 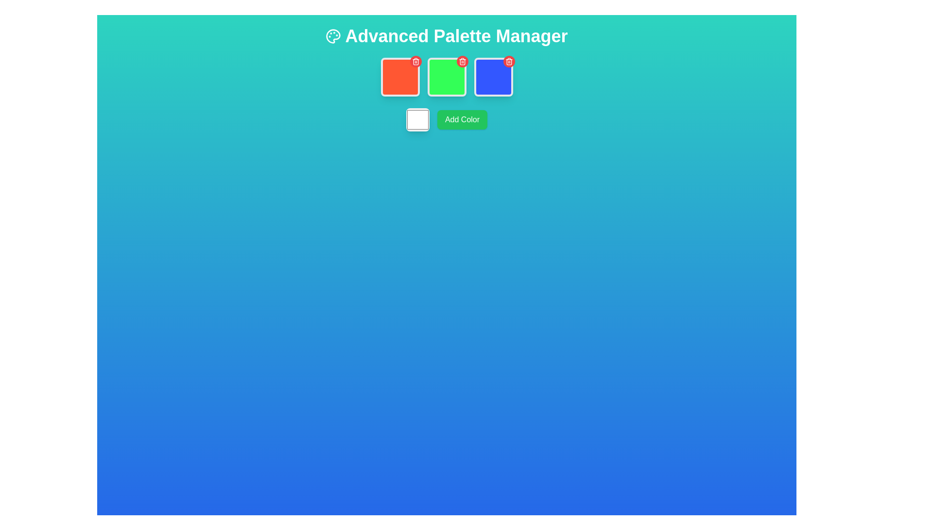 I want to click on the green rectangular button labeled 'Add Color', so click(x=462, y=119).